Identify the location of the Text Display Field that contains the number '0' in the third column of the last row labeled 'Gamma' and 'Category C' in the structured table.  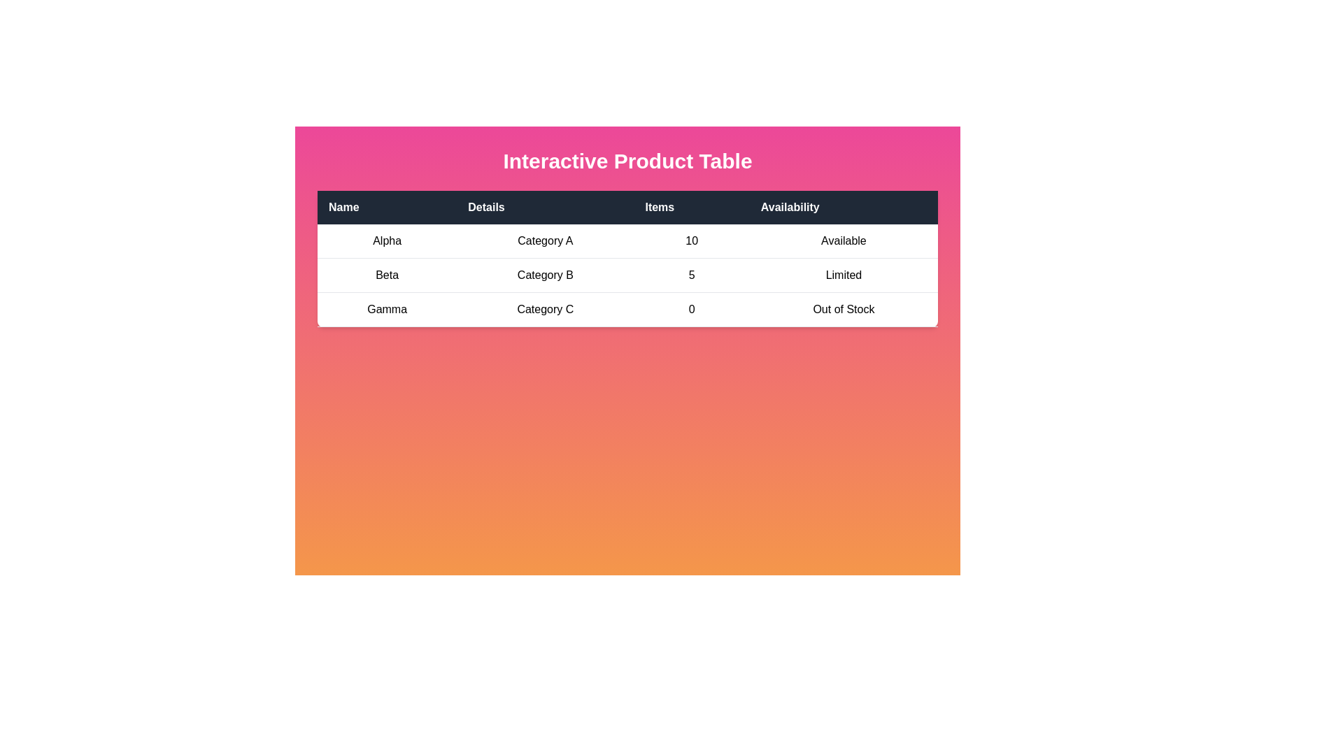
(692, 309).